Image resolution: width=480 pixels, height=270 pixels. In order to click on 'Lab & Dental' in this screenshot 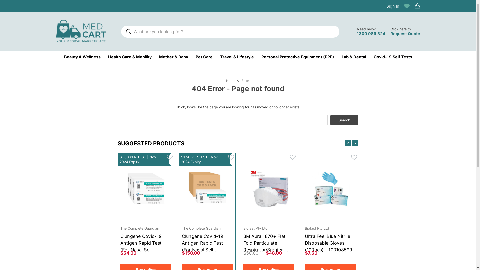, I will do `click(353, 56)`.